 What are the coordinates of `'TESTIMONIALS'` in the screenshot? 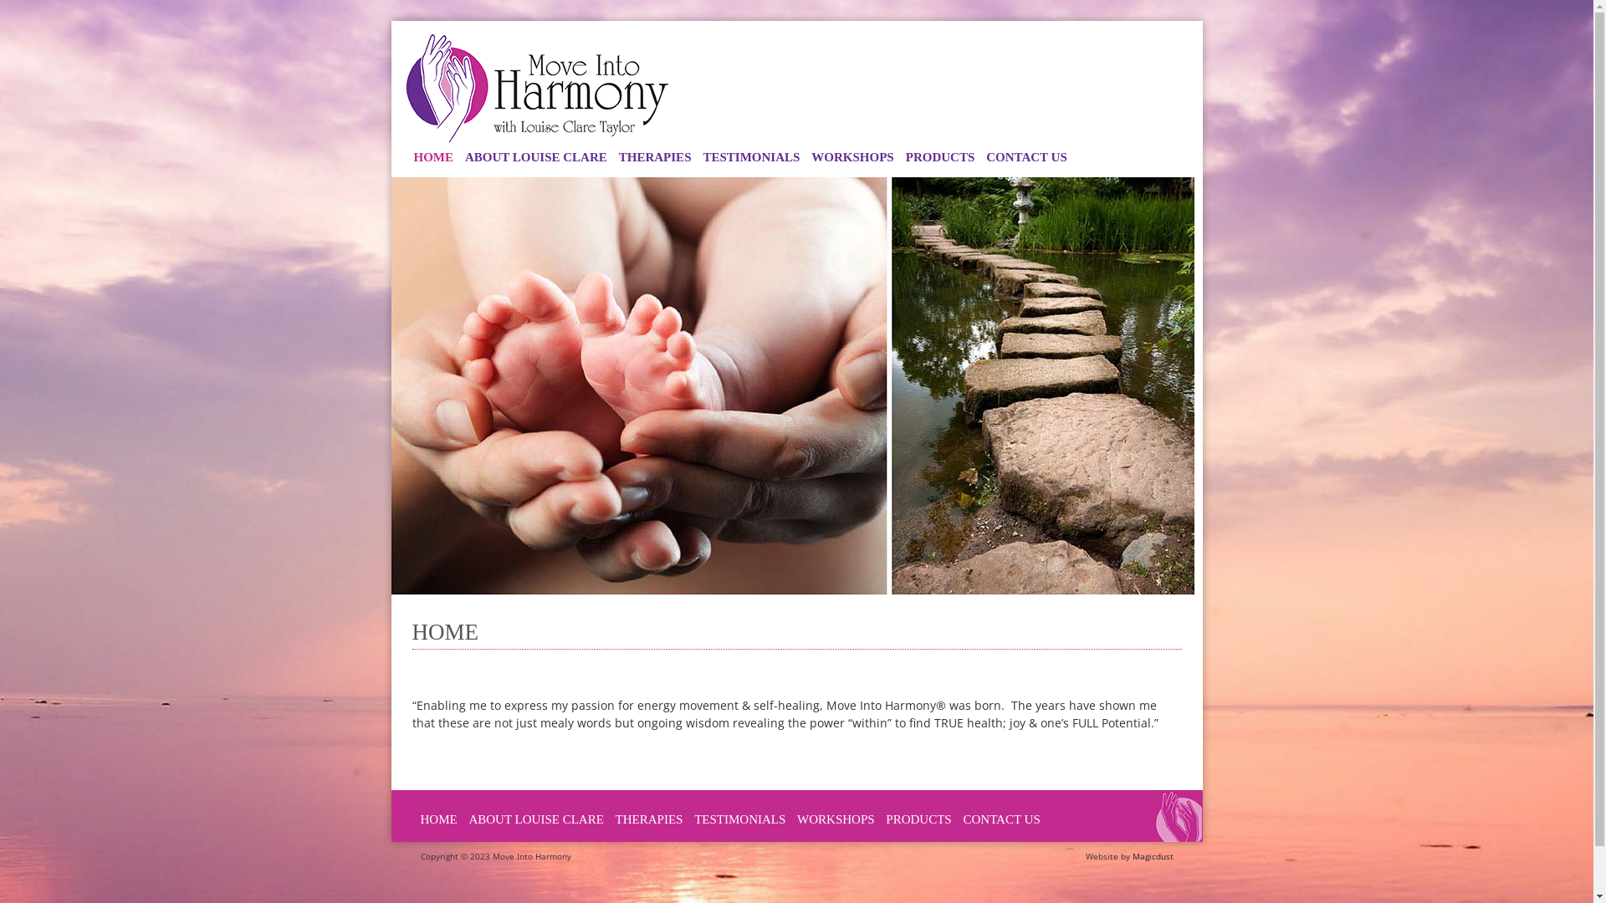 It's located at (749, 157).